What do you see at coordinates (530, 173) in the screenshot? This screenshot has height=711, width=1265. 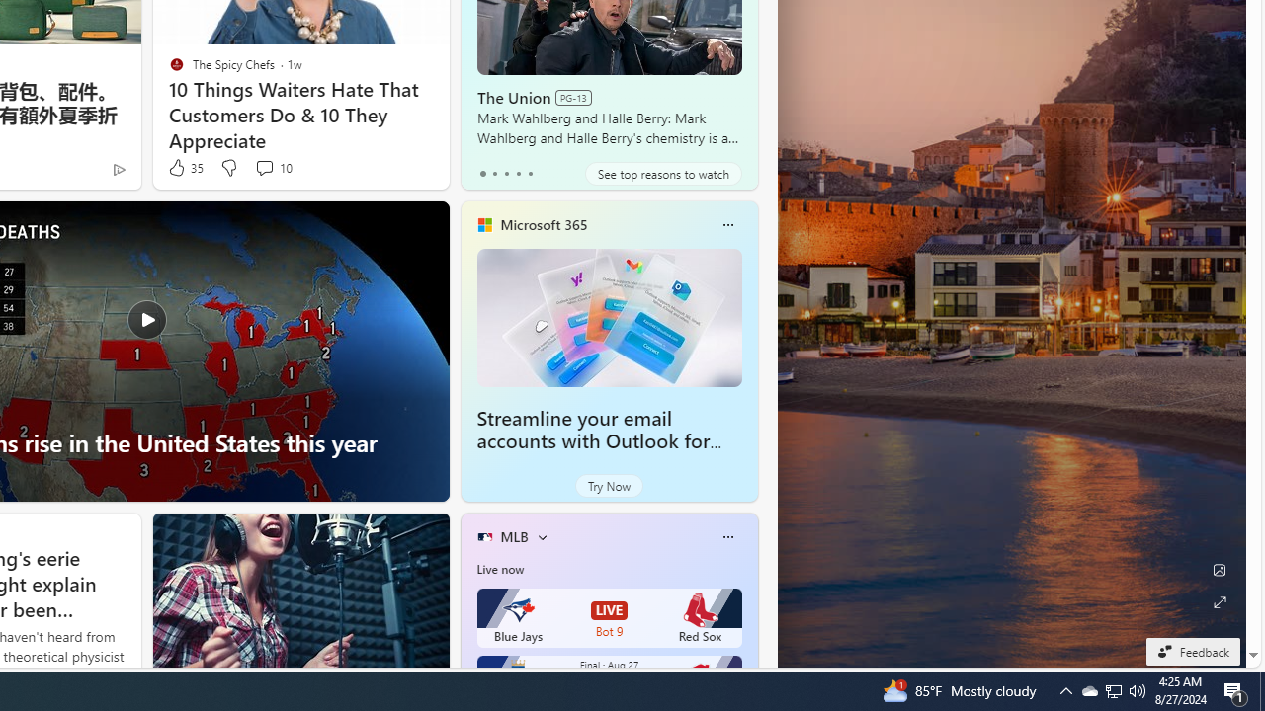 I see `'tab-4'` at bounding box center [530, 173].